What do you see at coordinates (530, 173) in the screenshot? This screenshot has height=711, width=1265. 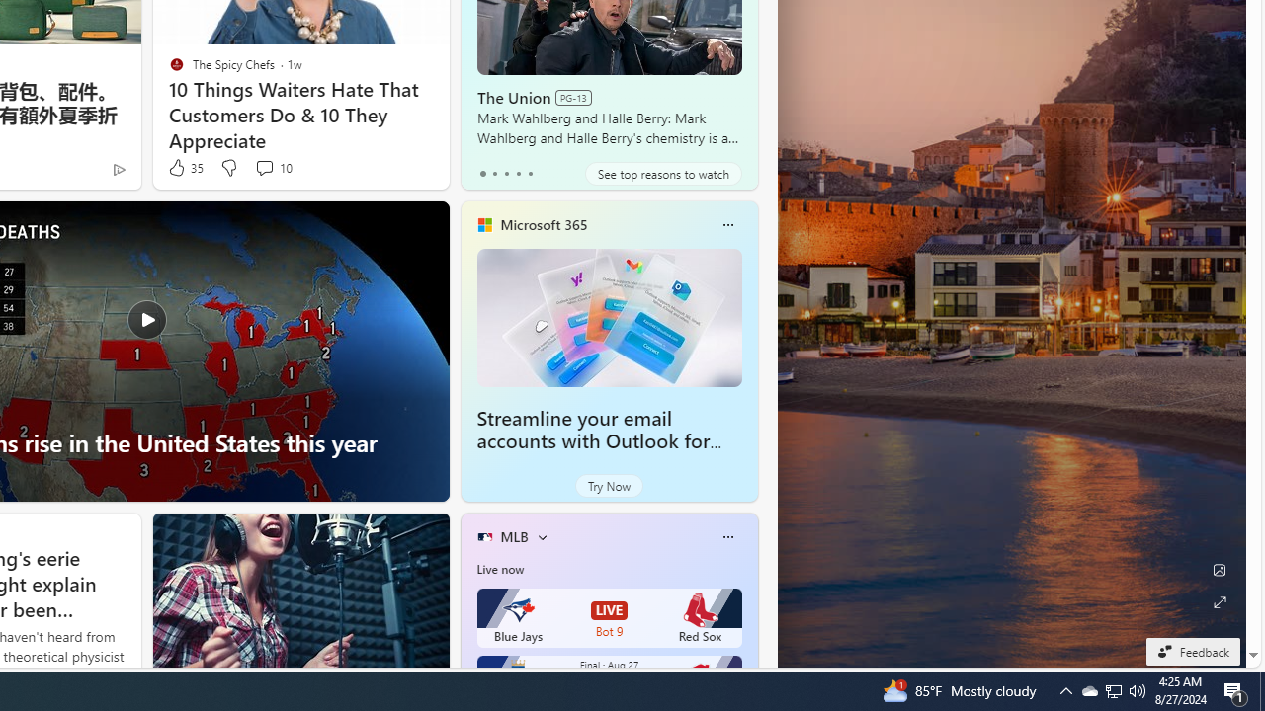 I see `'tab-4'` at bounding box center [530, 173].